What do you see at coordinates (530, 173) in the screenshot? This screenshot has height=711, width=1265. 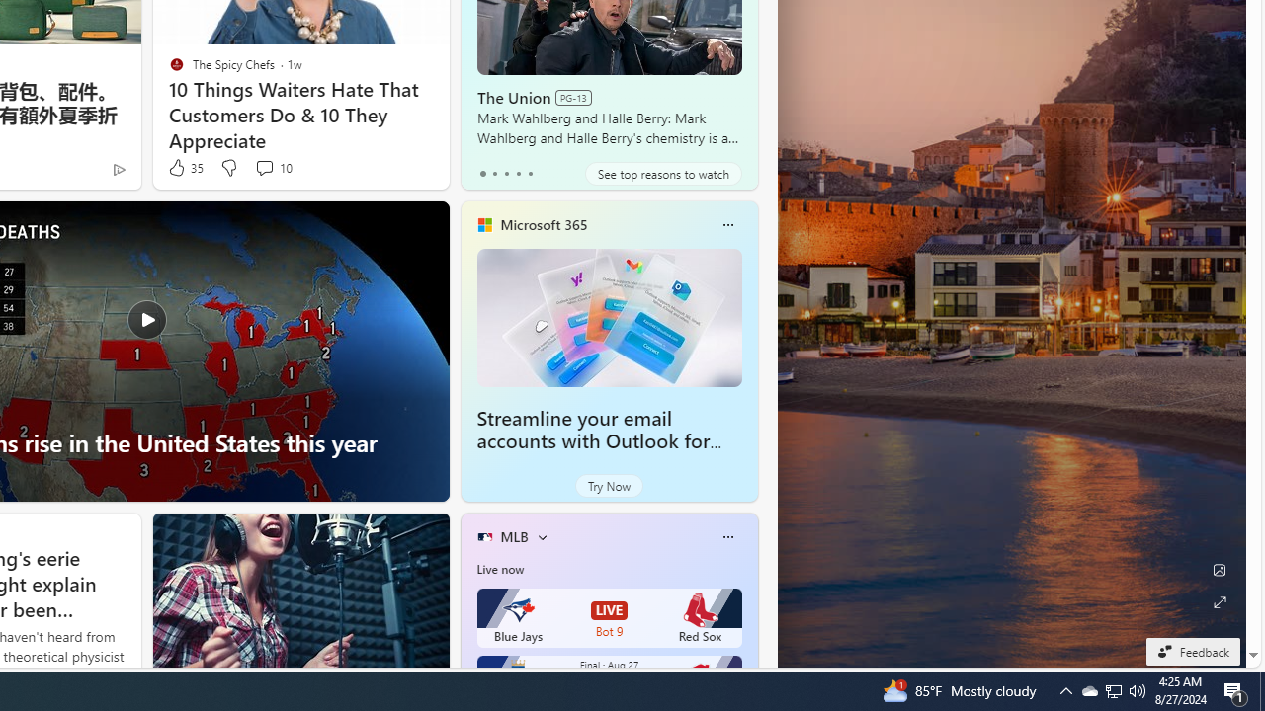 I see `'tab-4'` at bounding box center [530, 173].